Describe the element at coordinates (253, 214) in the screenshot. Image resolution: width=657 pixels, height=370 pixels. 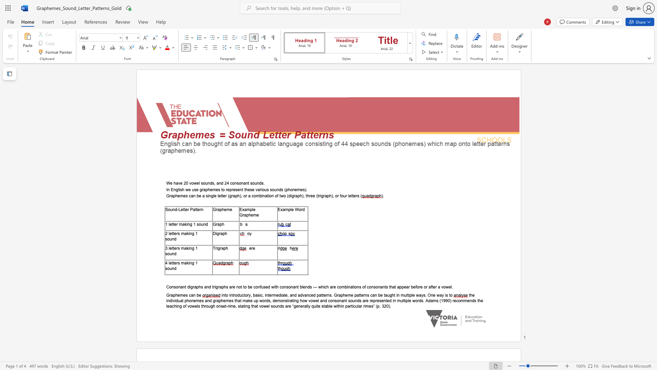
I see `the subset text "me" within the text "Example Grapheme"` at that location.